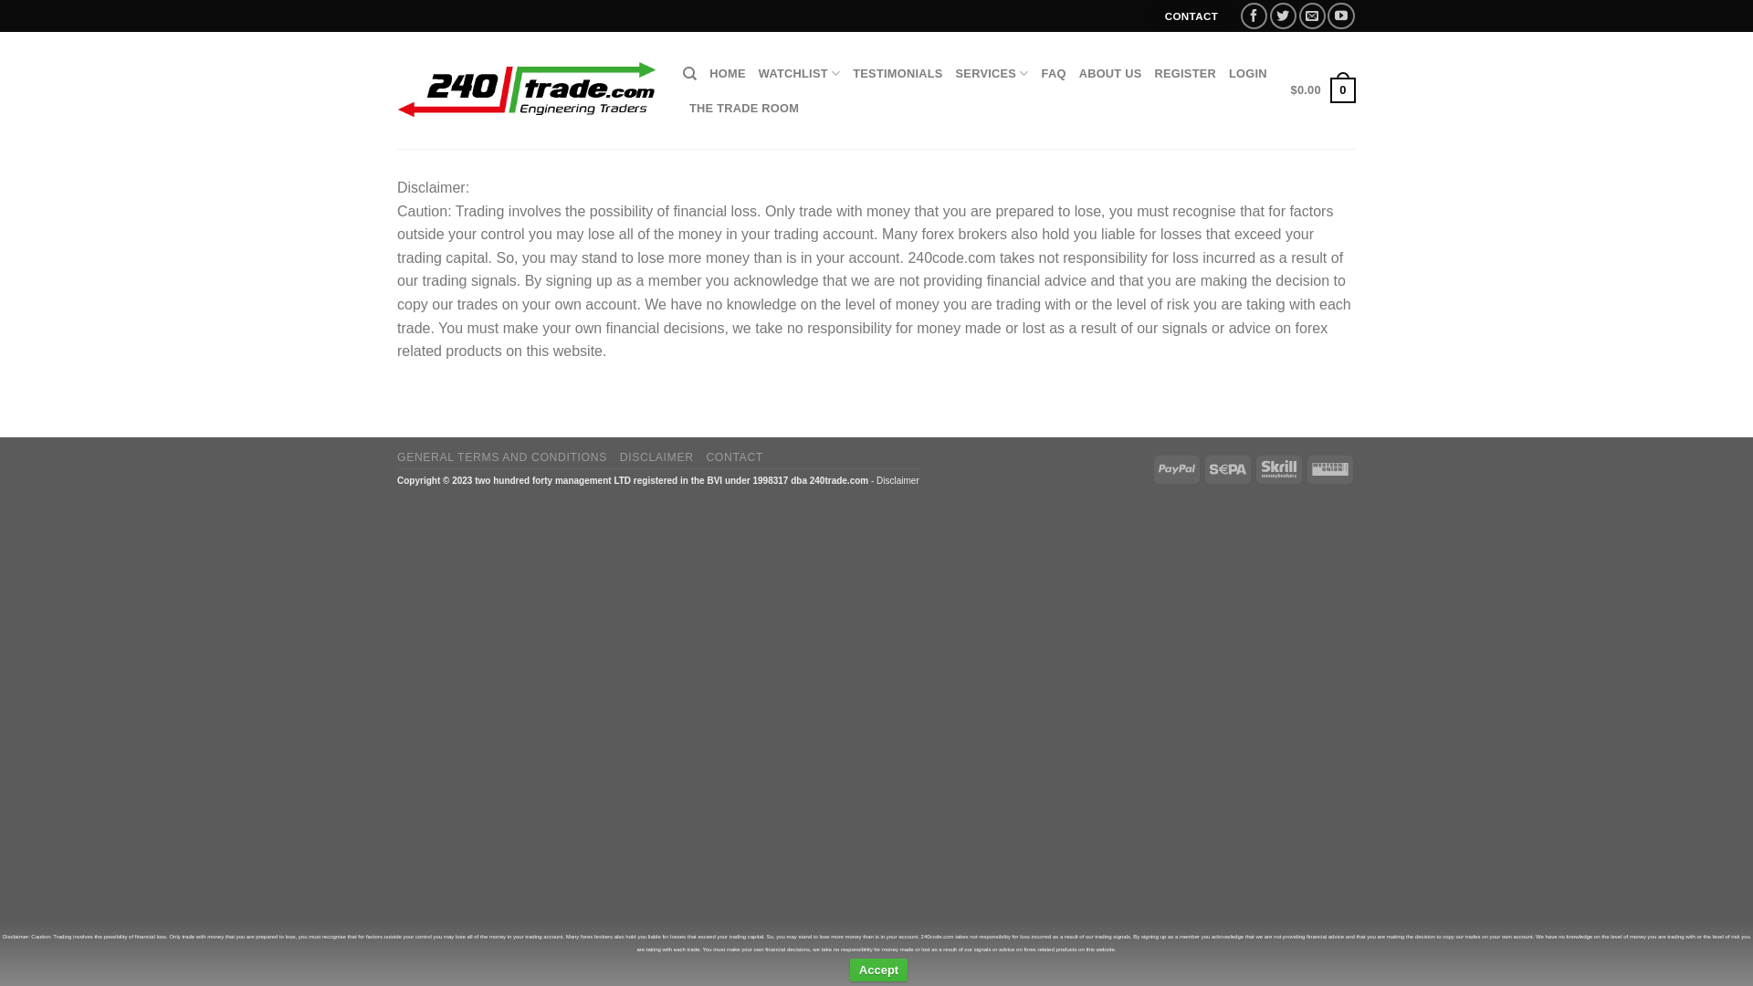 The height and width of the screenshot is (986, 1753). I want to click on 'WATCHLIST', so click(799, 72).